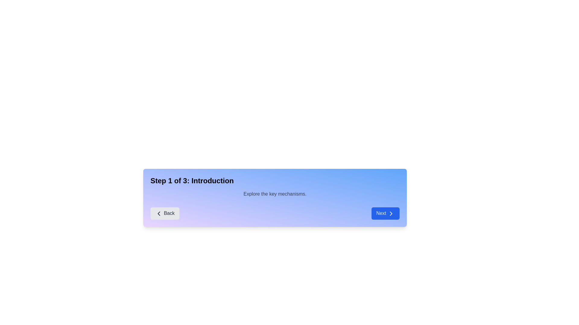  I want to click on the back button to navigate to the previous step, so click(165, 213).